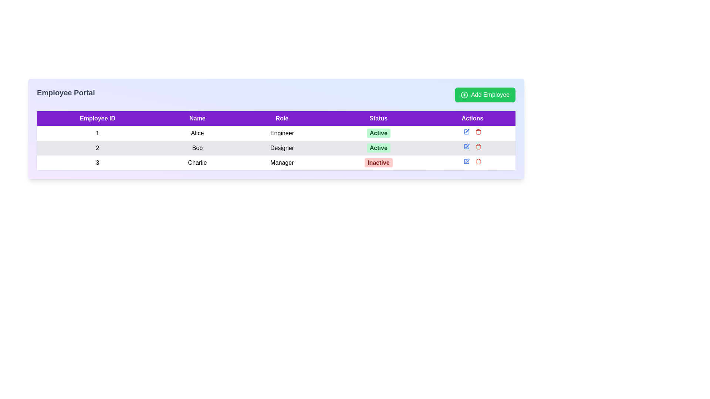  I want to click on the 'Actions' header label in the table, which is located in the far-right column of the table header, immediately to the right of the 'Status' header, so click(472, 118).